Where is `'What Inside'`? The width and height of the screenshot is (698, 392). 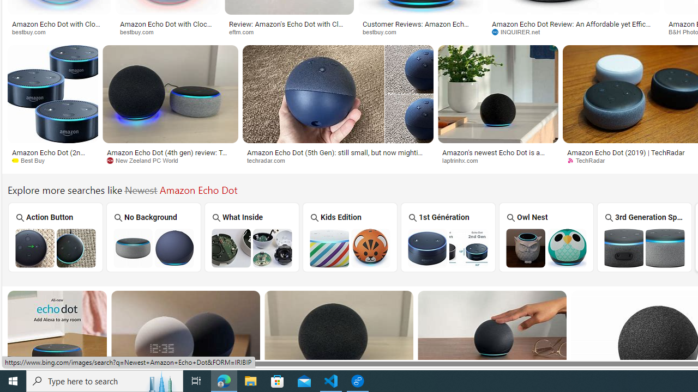
'What Inside' is located at coordinates (251, 236).